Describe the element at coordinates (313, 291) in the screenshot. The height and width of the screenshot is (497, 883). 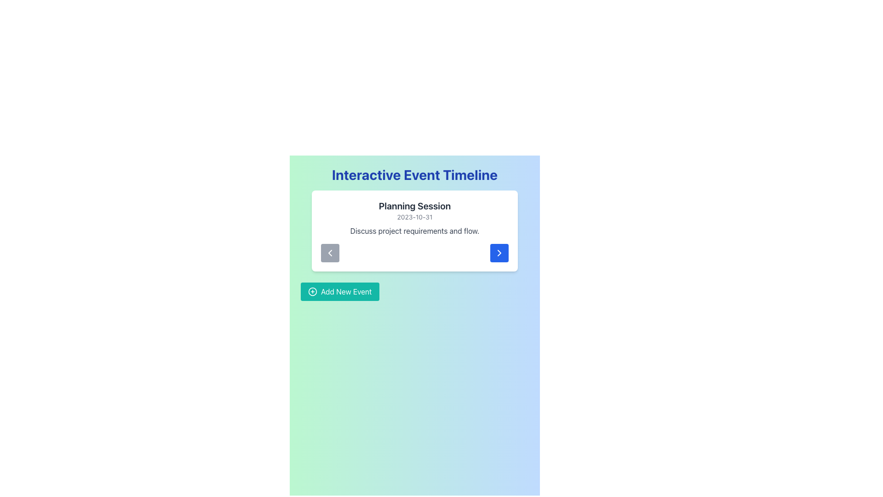
I see `the SVG Circle that serves as the outer circular border of the icon in the 'Add New Event' button, located on the left-hand side above the text label` at that location.